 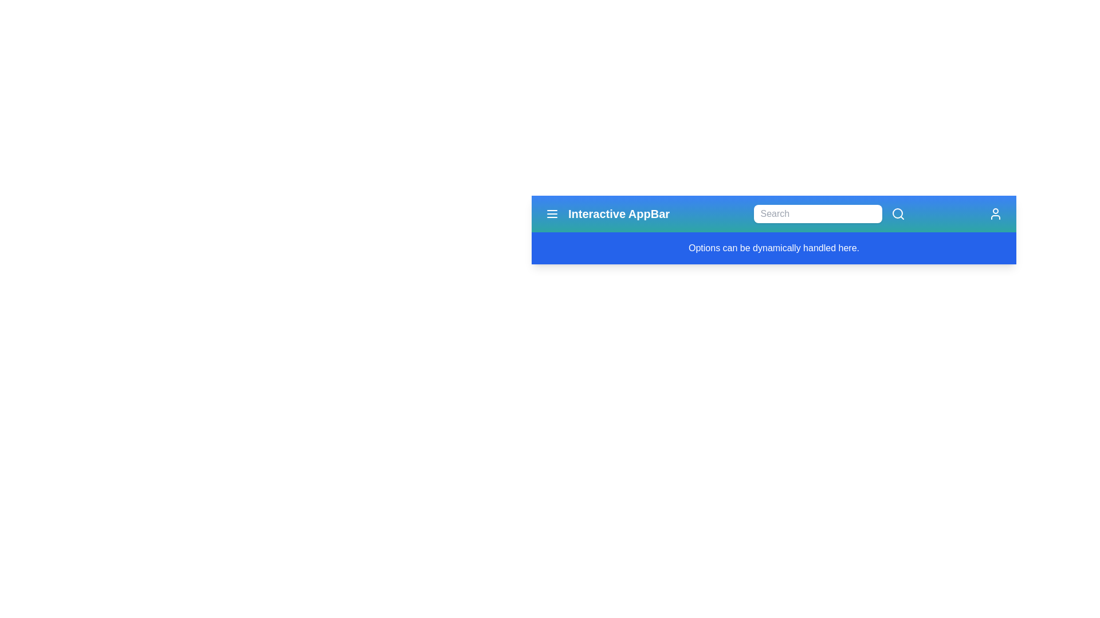 I want to click on the menu icon to toggle the menu, so click(x=552, y=214).